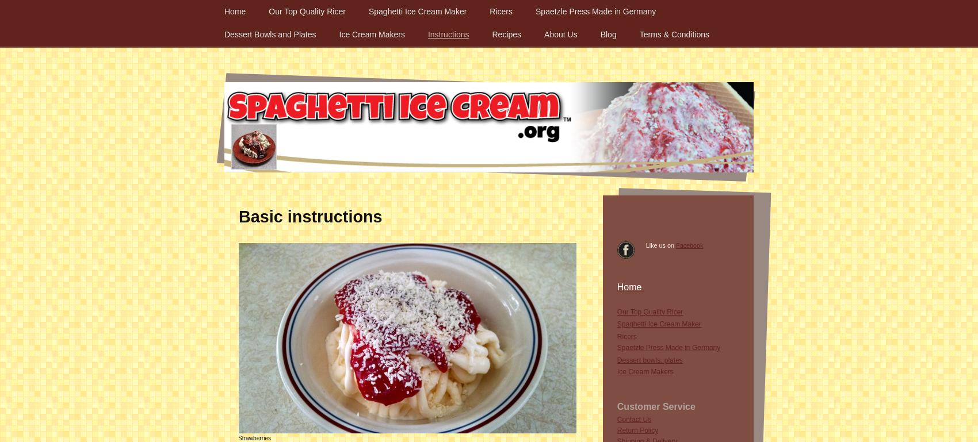 The height and width of the screenshot is (442, 978). What do you see at coordinates (633, 418) in the screenshot?
I see `'Contact Us'` at bounding box center [633, 418].